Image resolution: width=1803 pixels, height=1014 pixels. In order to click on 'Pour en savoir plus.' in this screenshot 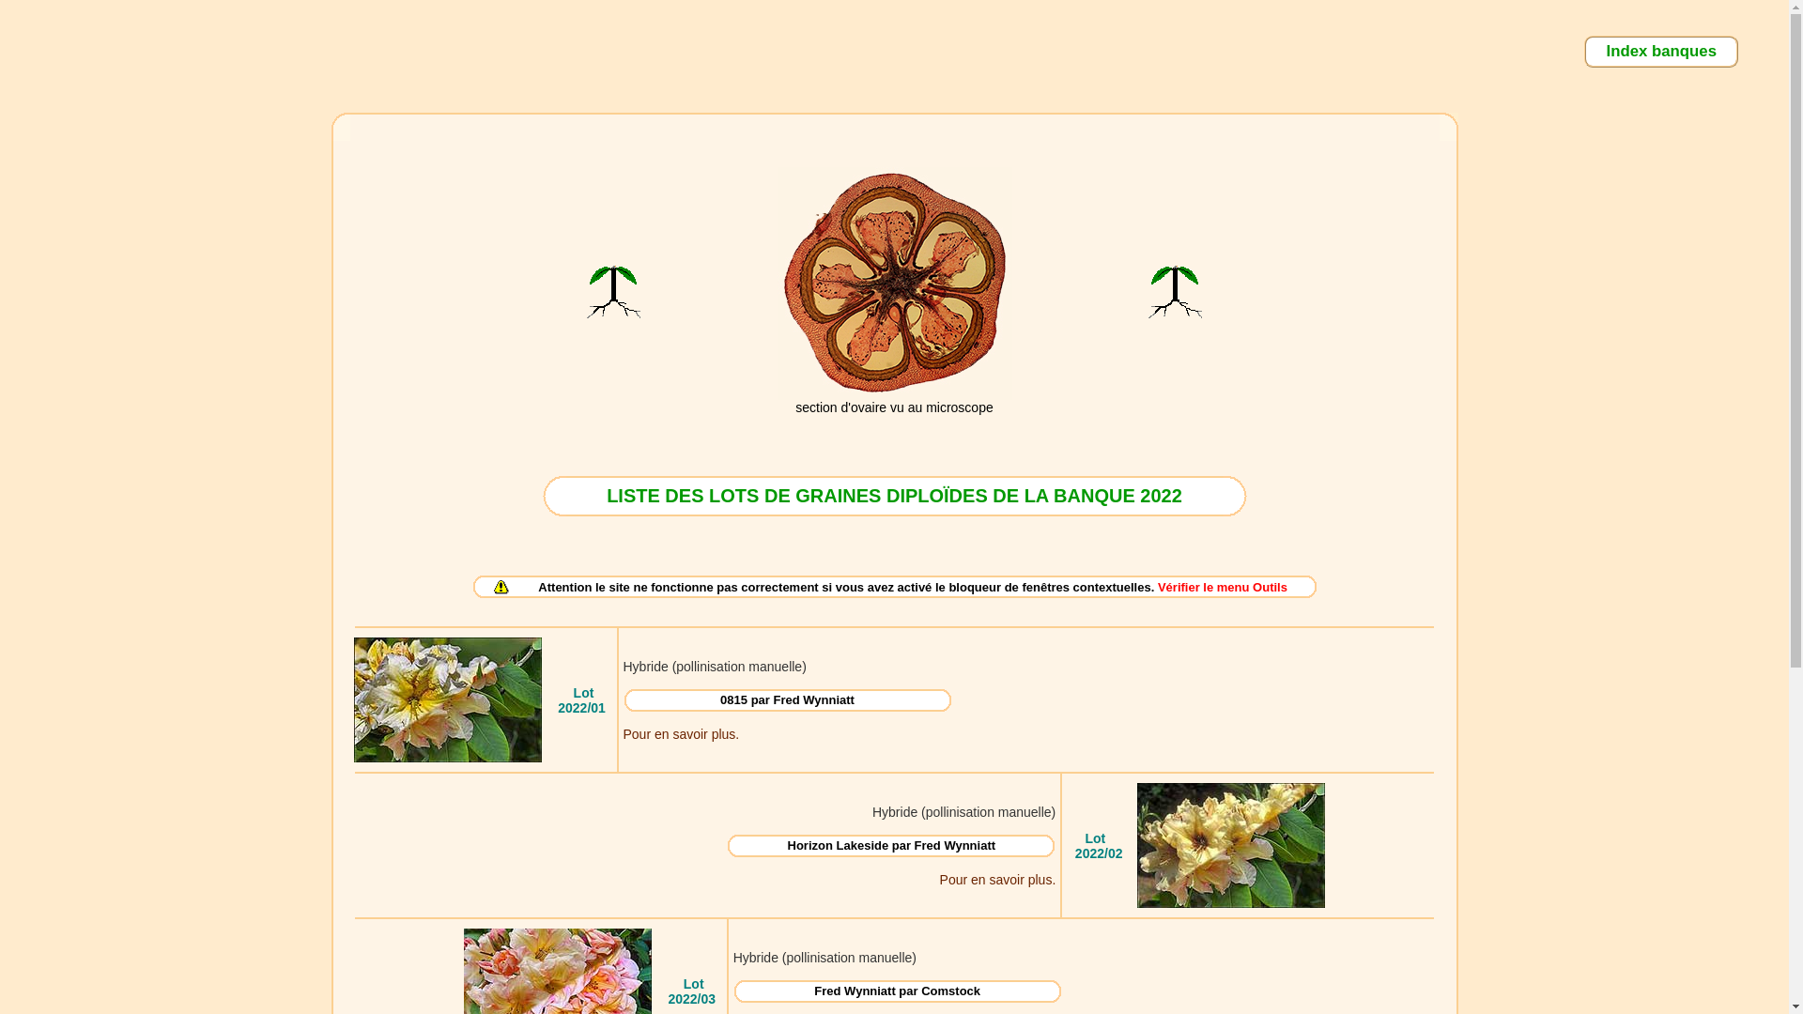, I will do `click(680, 733)`.